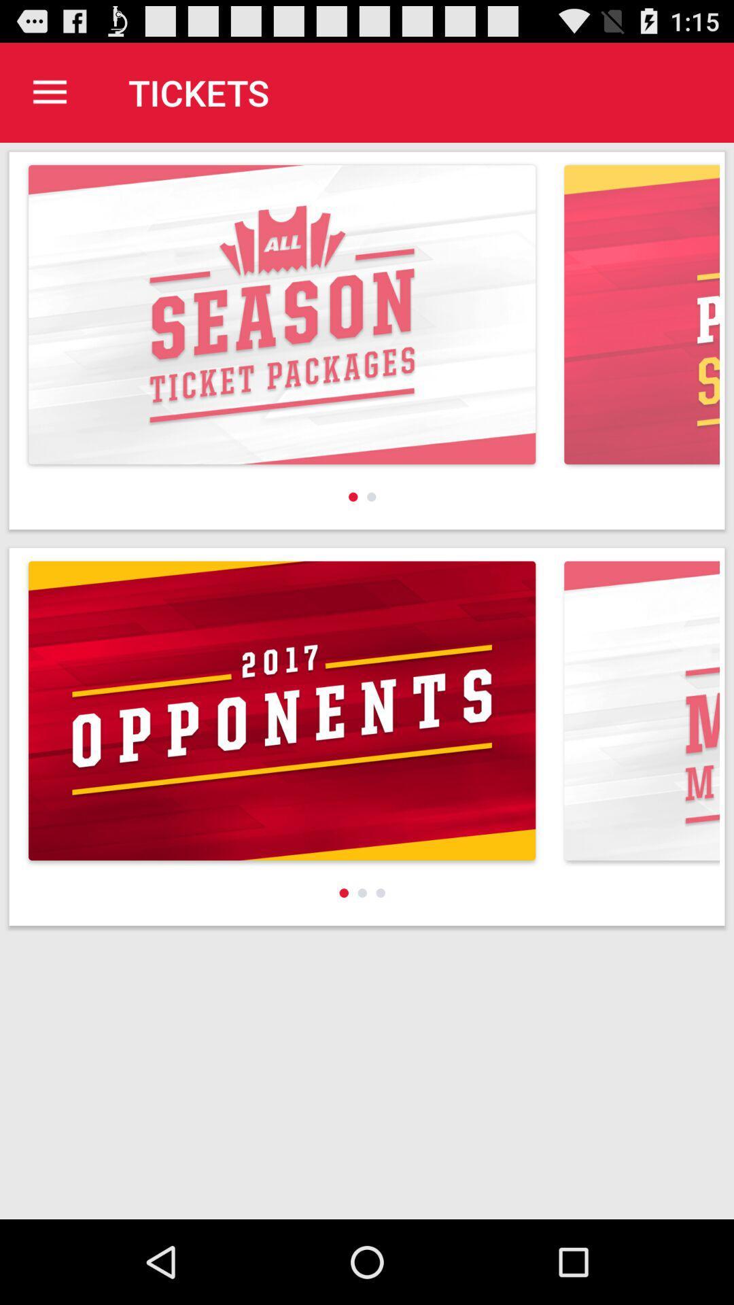 The height and width of the screenshot is (1305, 734). Describe the element at coordinates (642, 313) in the screenshot. I see `top right corner image` at that location.